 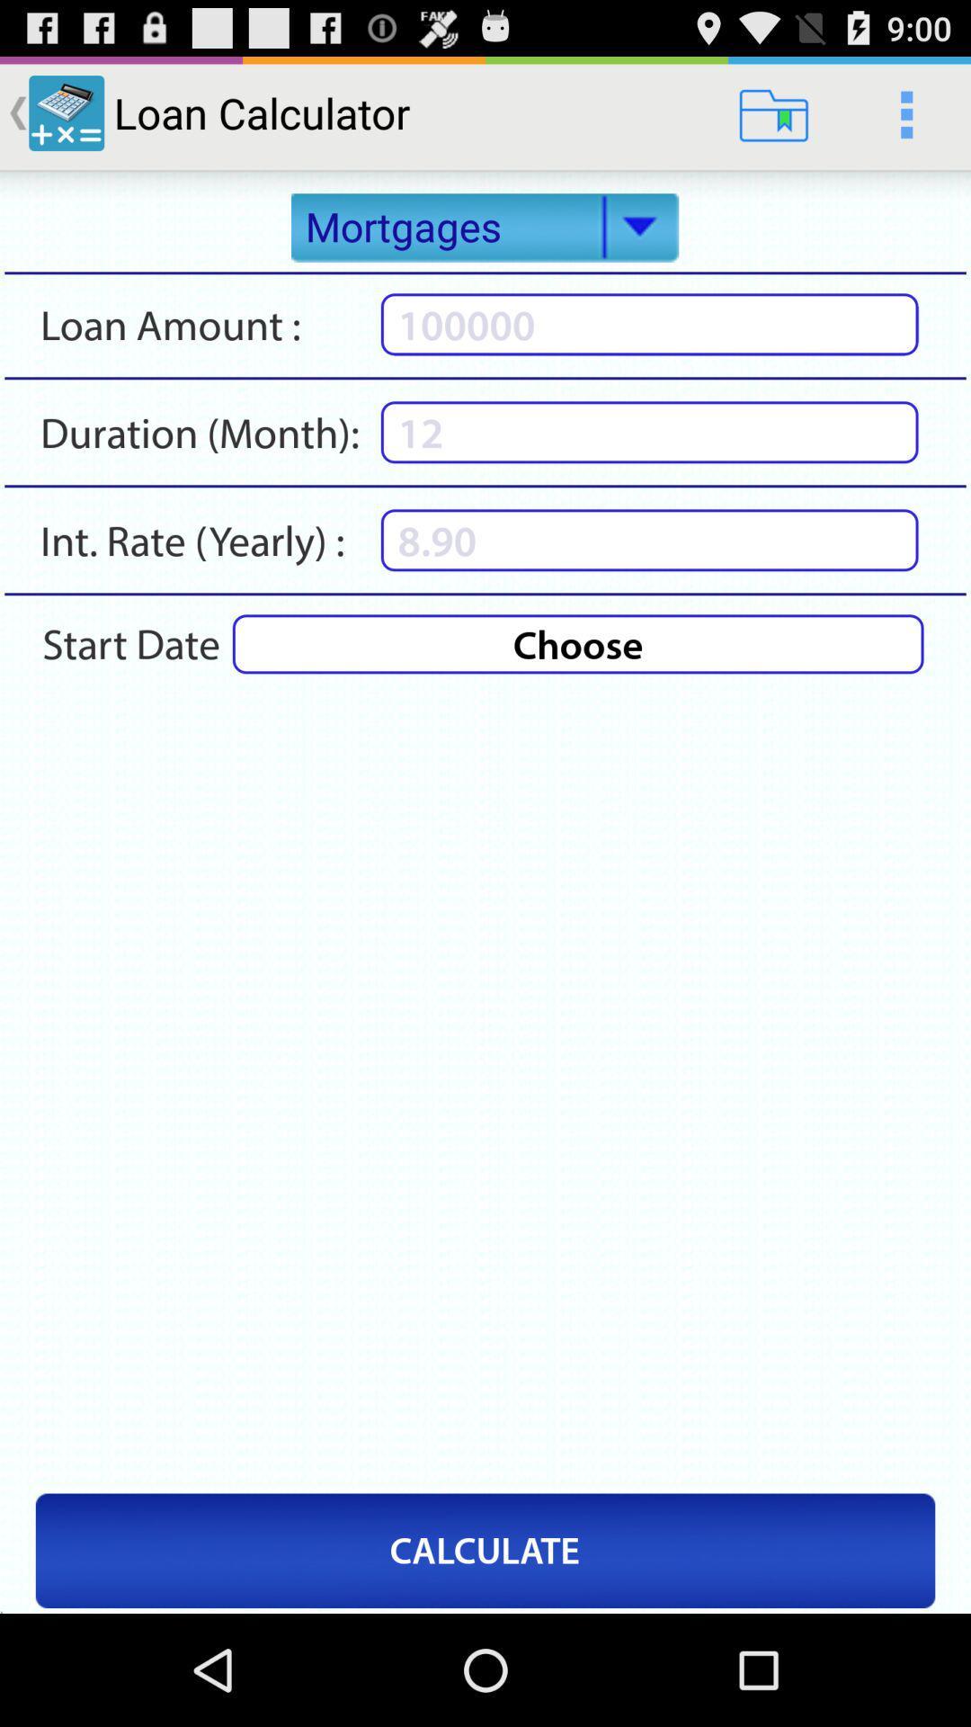 I want to click on insert year, so click(x=649, y=539).